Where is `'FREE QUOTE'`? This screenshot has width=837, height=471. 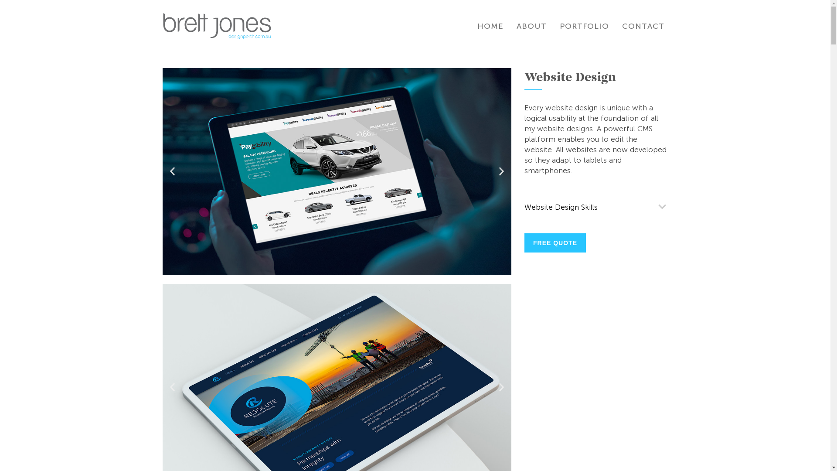 'FREE QUOTE' is located at coordinates (523, 242).